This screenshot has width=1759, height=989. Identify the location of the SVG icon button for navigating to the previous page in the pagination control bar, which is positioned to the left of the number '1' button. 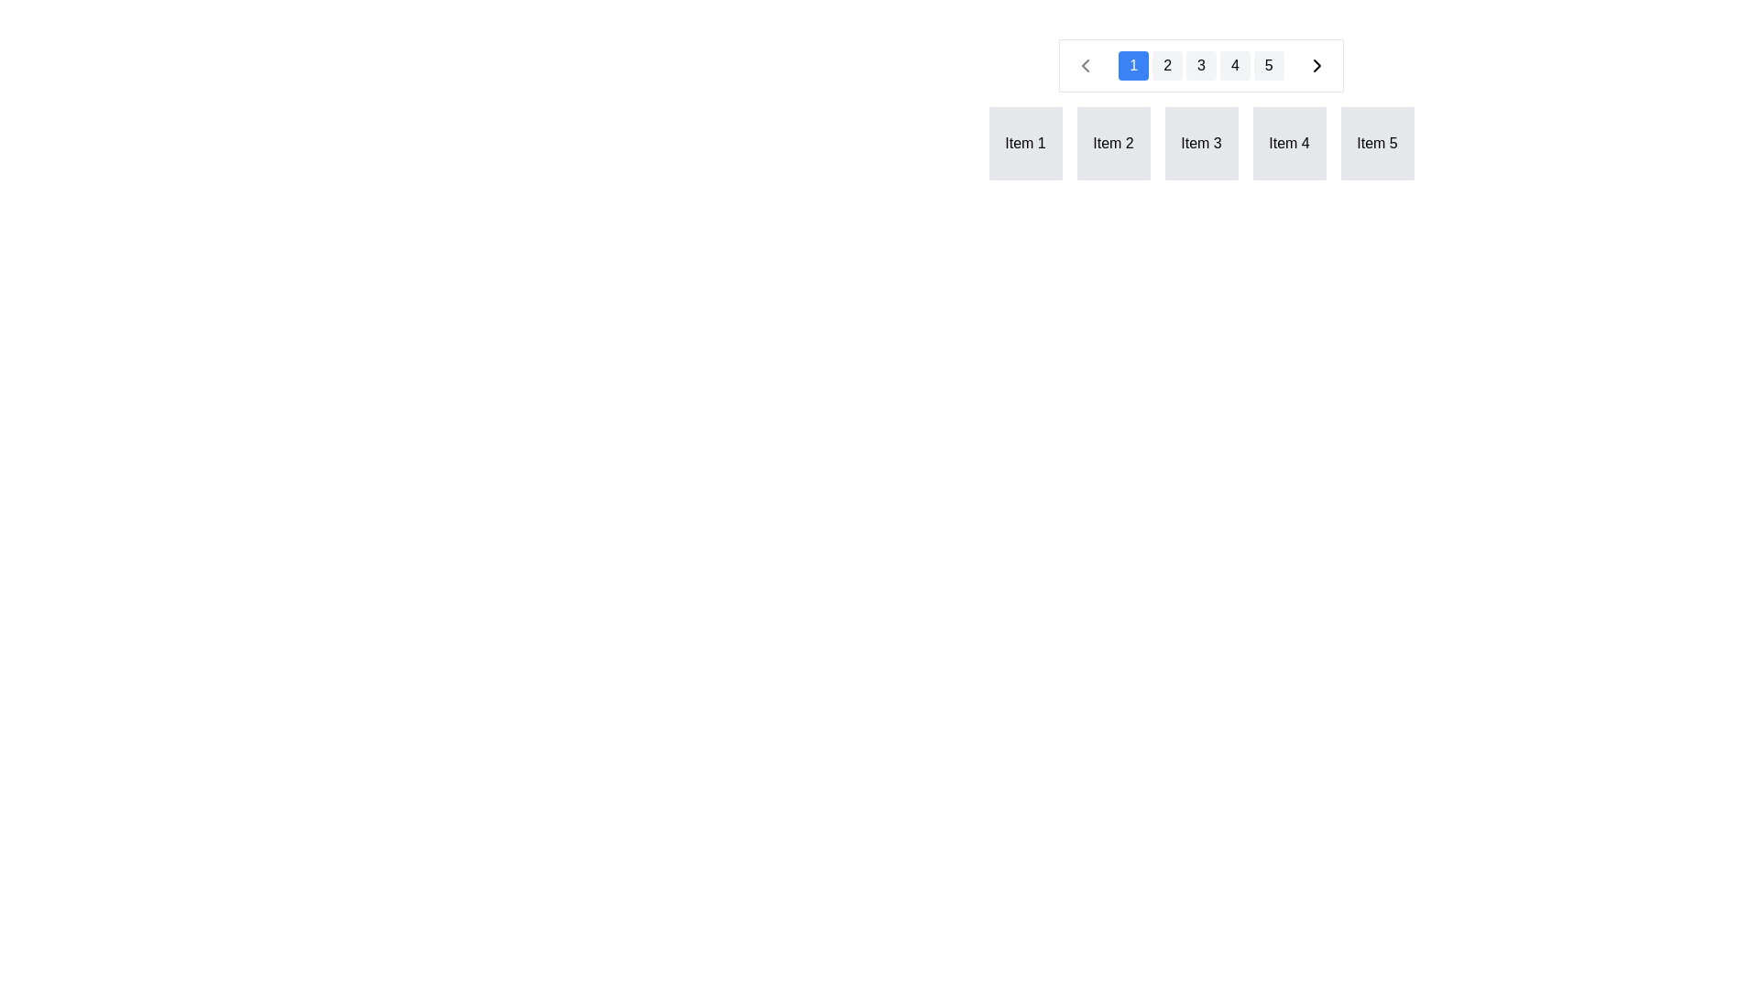
(1086, 65).